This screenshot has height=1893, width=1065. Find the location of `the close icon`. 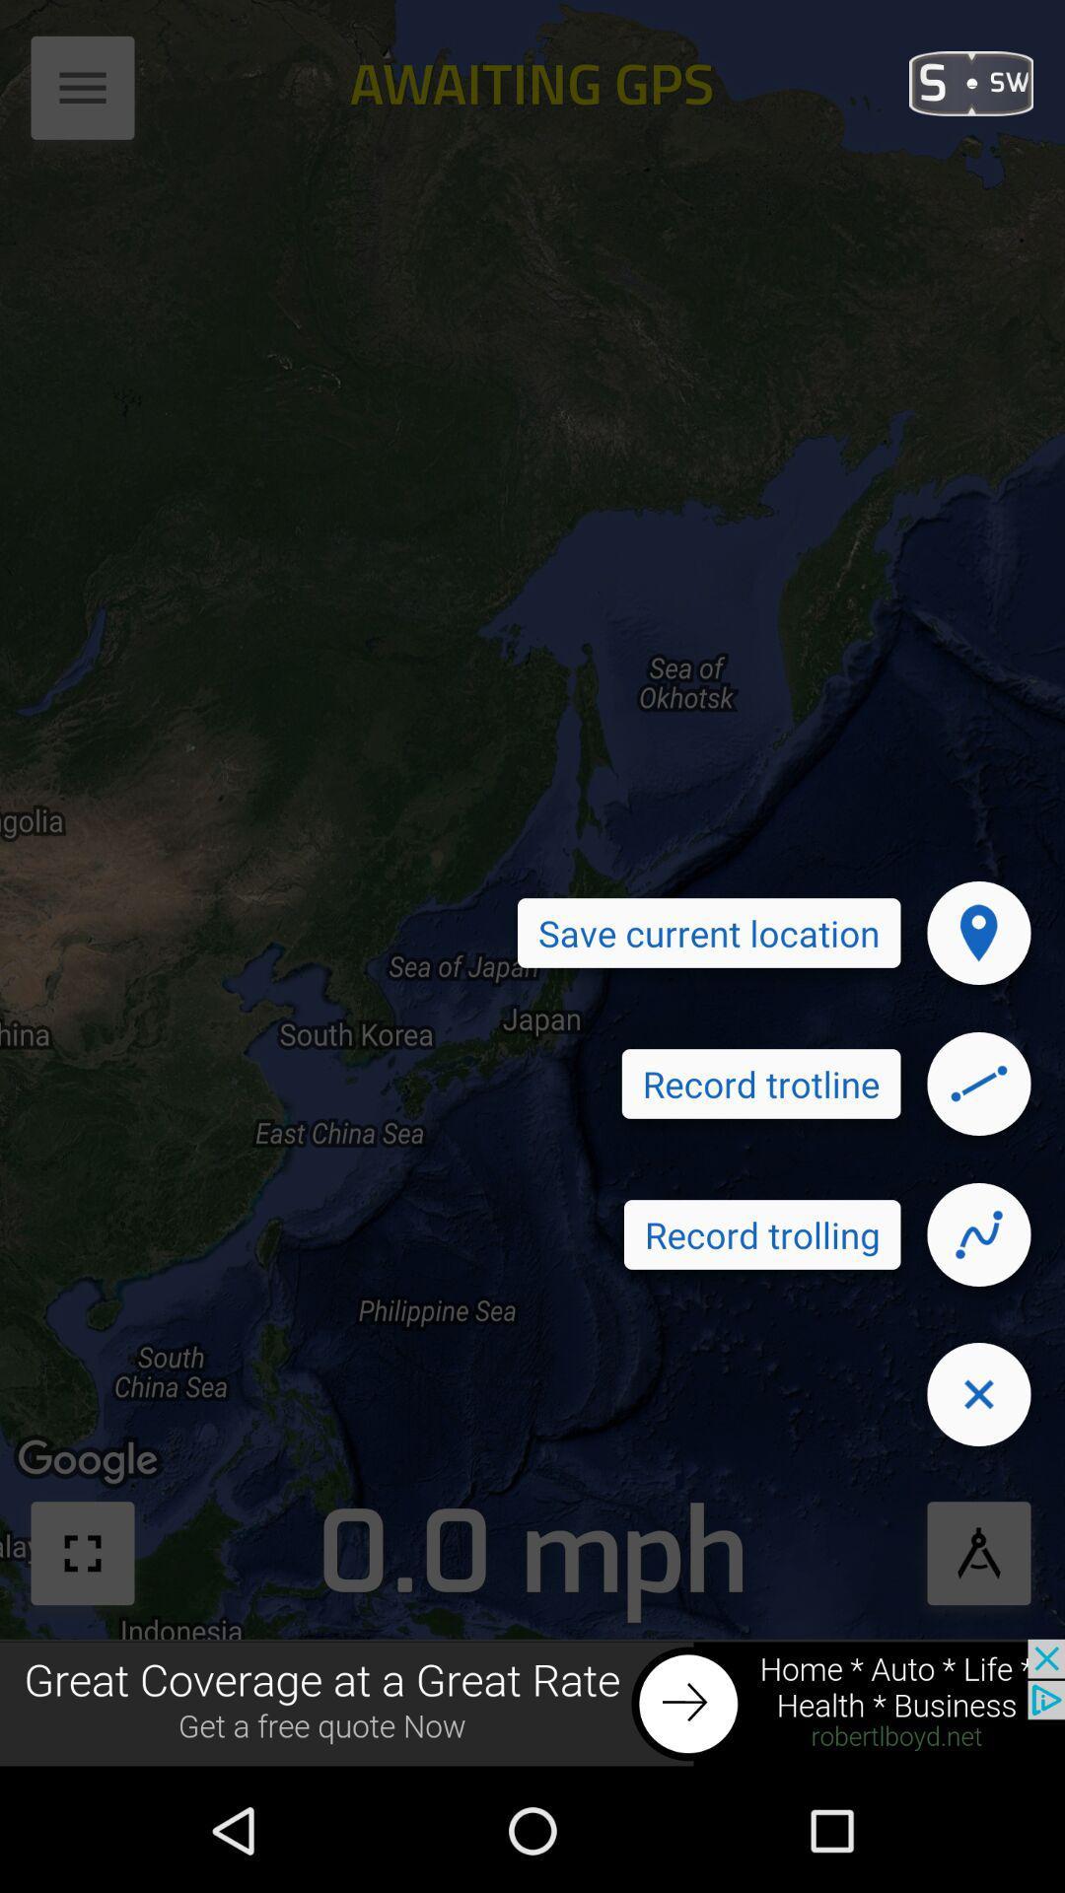

the close icon is located at coordinates (978, 1393).